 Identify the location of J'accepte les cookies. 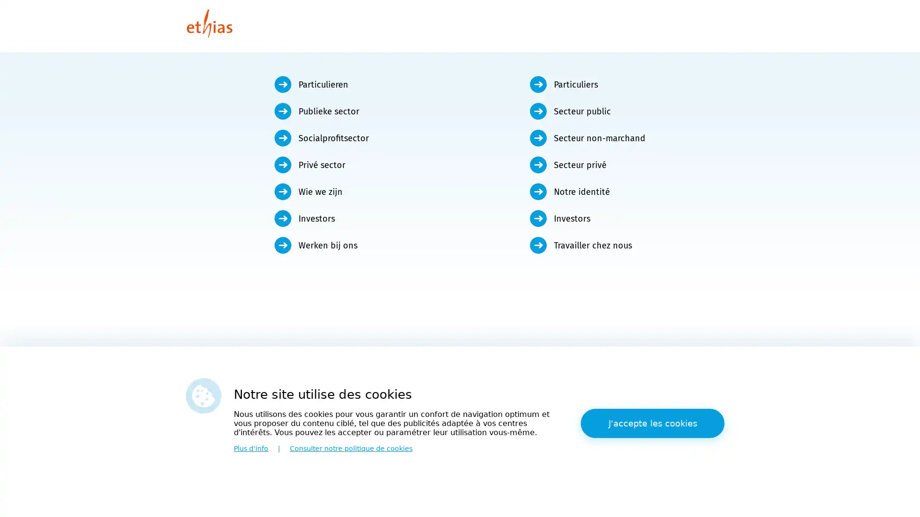
(652, 422).